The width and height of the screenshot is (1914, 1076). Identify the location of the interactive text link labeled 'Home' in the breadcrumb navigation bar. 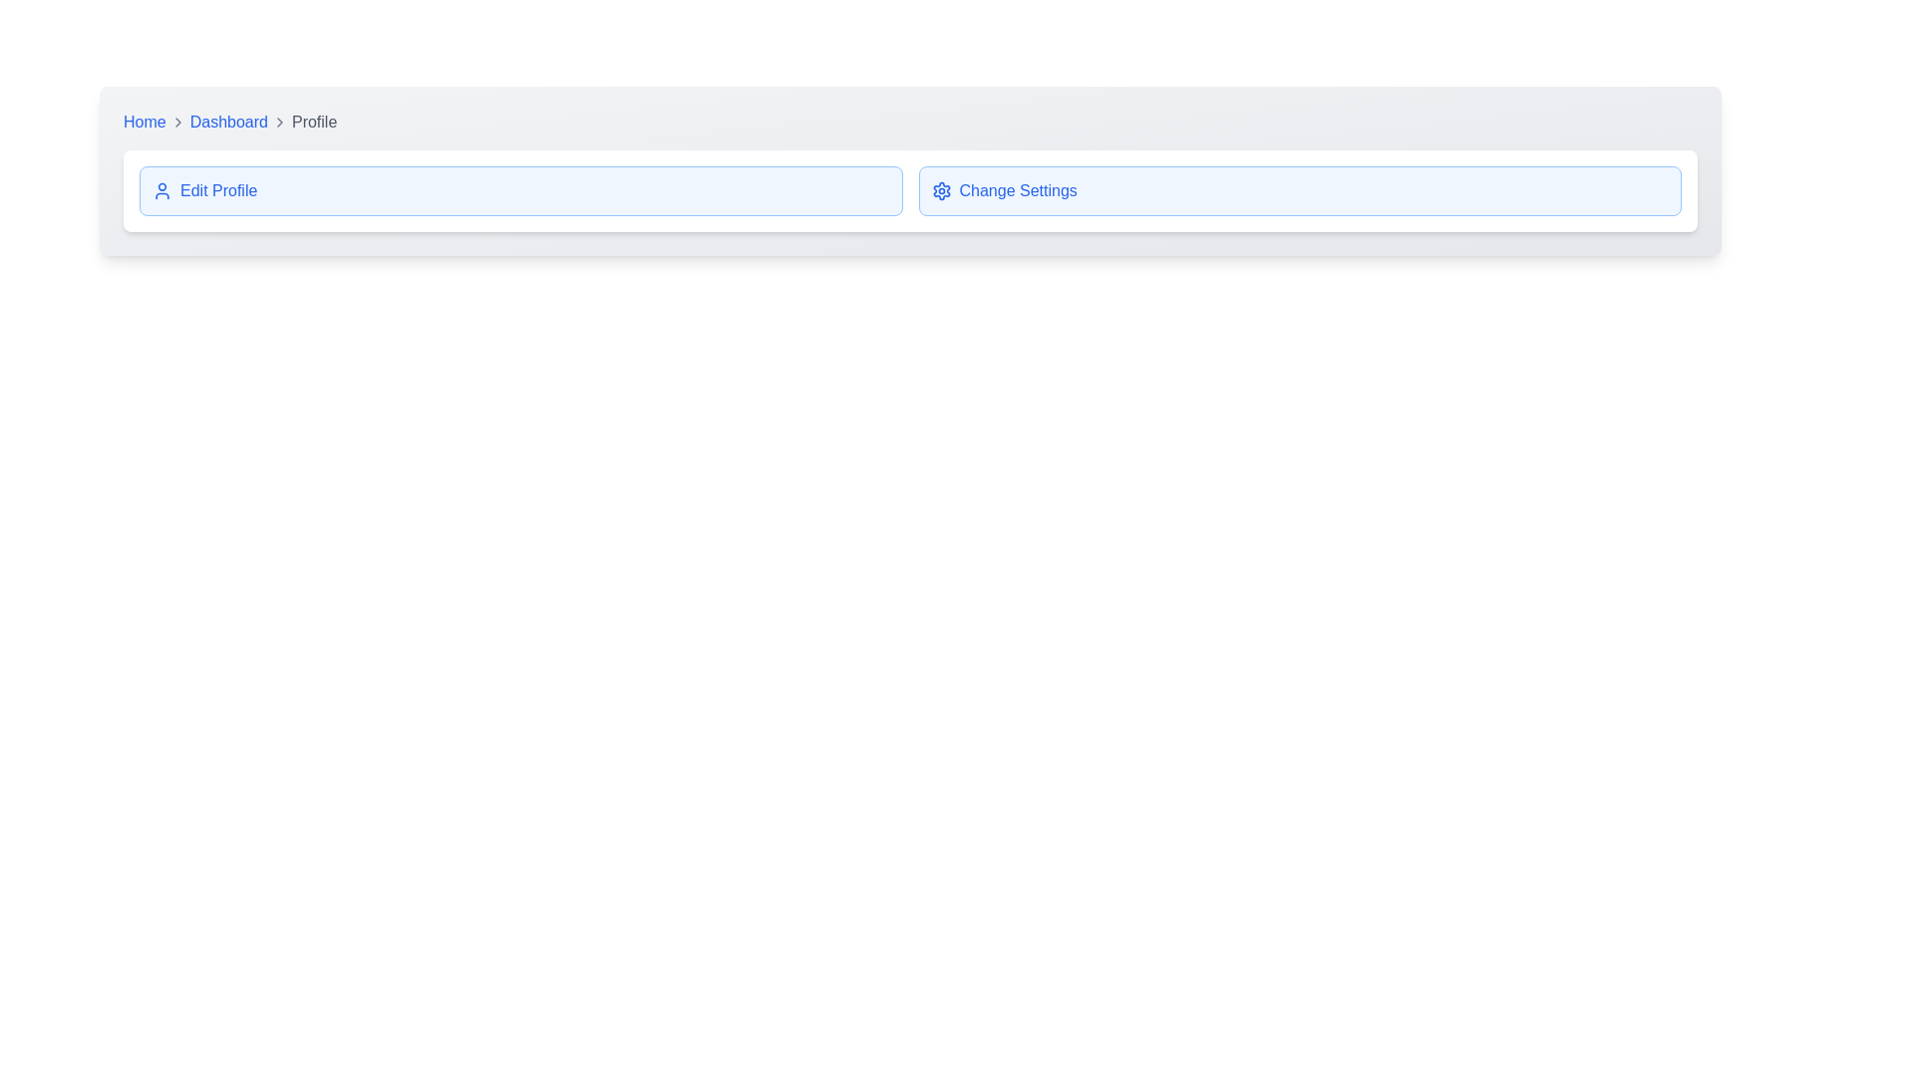
(154, 123).